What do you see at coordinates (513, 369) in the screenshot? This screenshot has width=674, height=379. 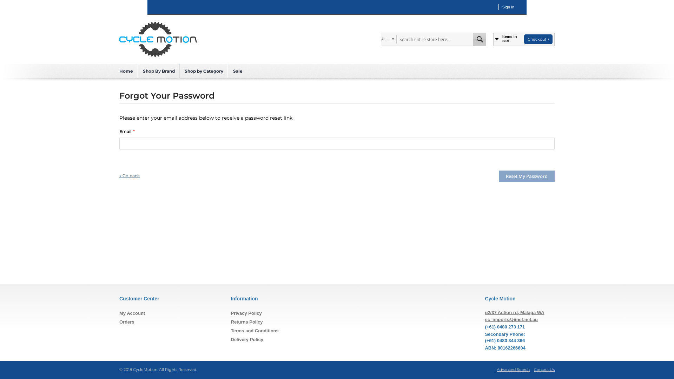 I see `'Advanced Search'` at bounding box center [513, 369].